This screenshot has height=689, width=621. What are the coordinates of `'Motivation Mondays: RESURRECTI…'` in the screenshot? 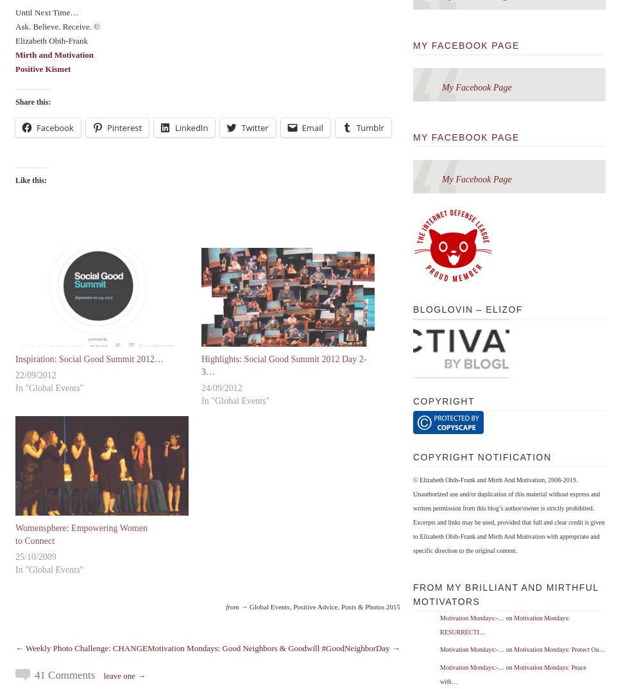 It's located at (504, 624).